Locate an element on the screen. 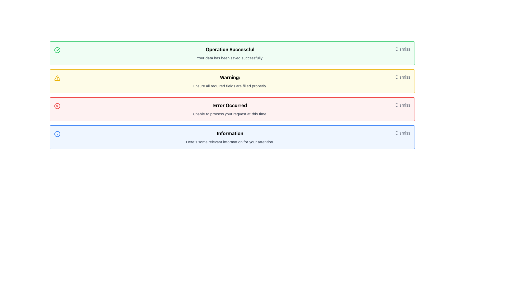 Image resolution: width=507 pixels, height=285 pixels. the informational message box with a red border and light red background that displays the message 'Error Occurred' is located at coordinates (230, 109).